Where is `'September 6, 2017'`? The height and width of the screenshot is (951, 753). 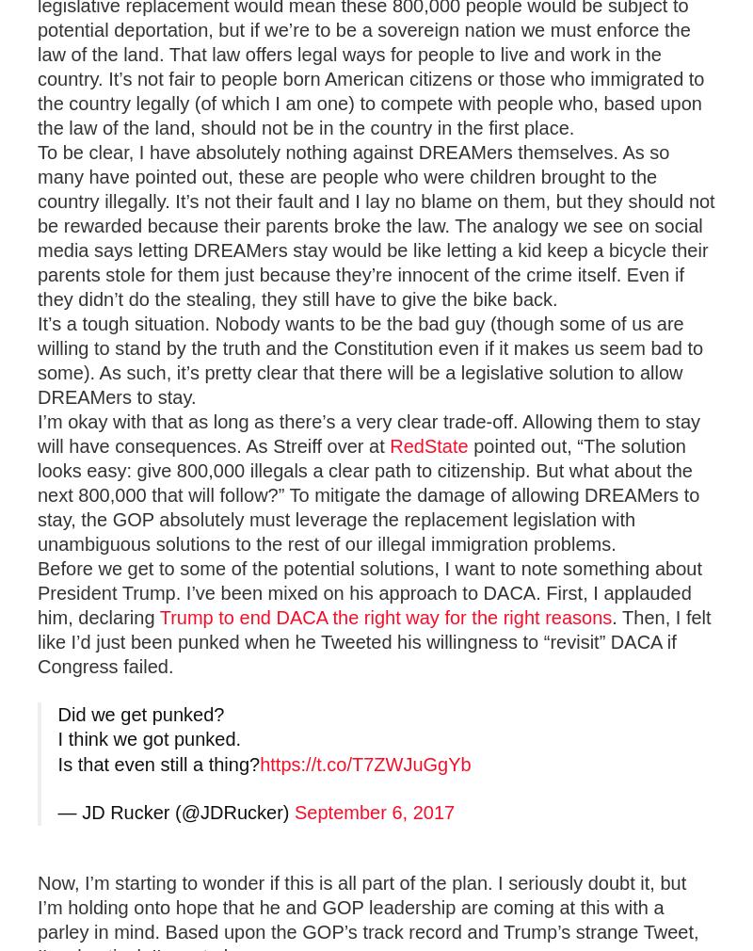
'September 6, 2017' is located at coordinates (374, 813).